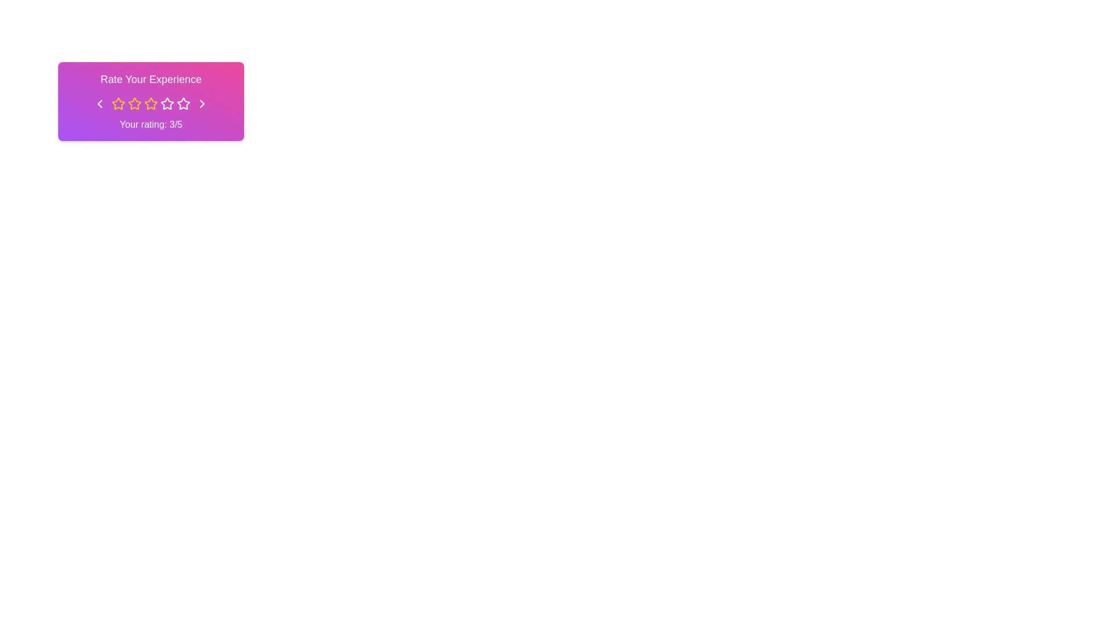 The height and width of the screenshot is (627, 1116). What do you see at coordinates (150, 103) in the screenshot?
I see `the third star in the rating component` at bounding box center [150, 103].